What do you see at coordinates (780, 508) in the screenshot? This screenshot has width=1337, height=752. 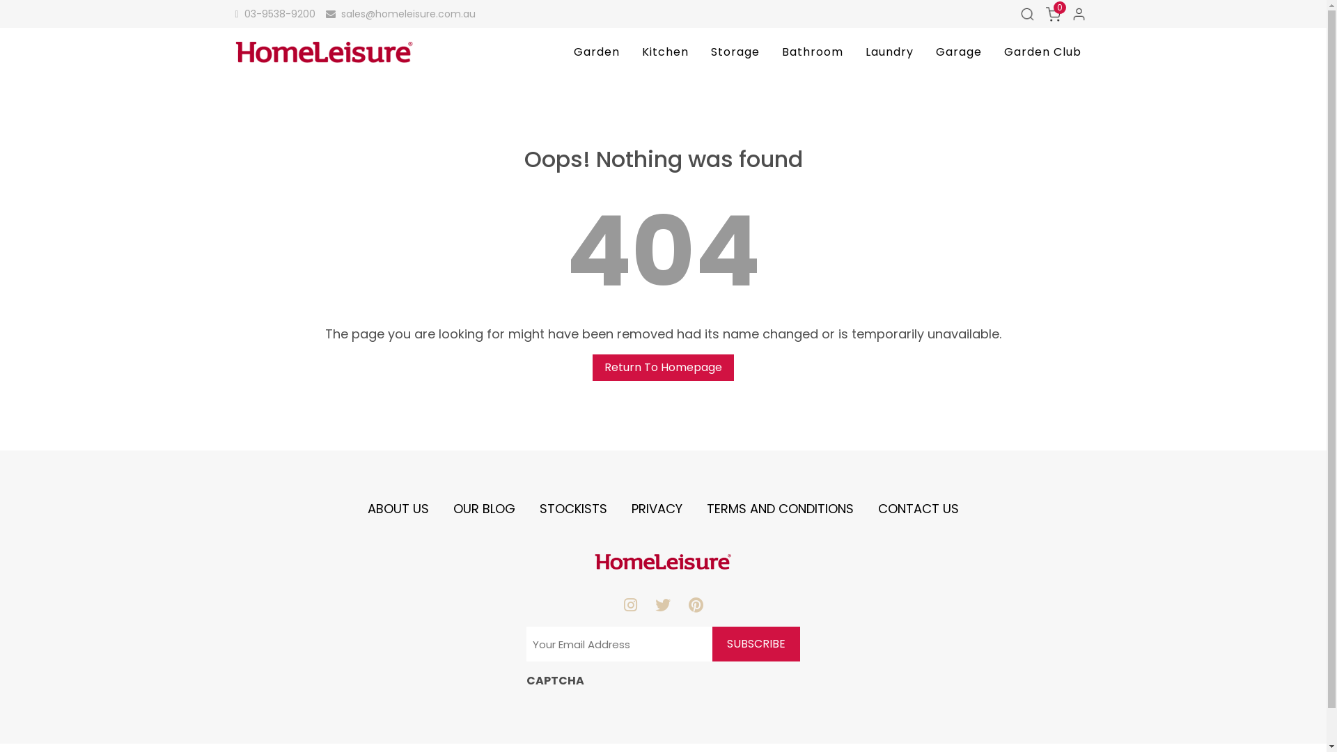 I see `'TERMS AND CONDITIONS'` at bounding box center [780, 508].